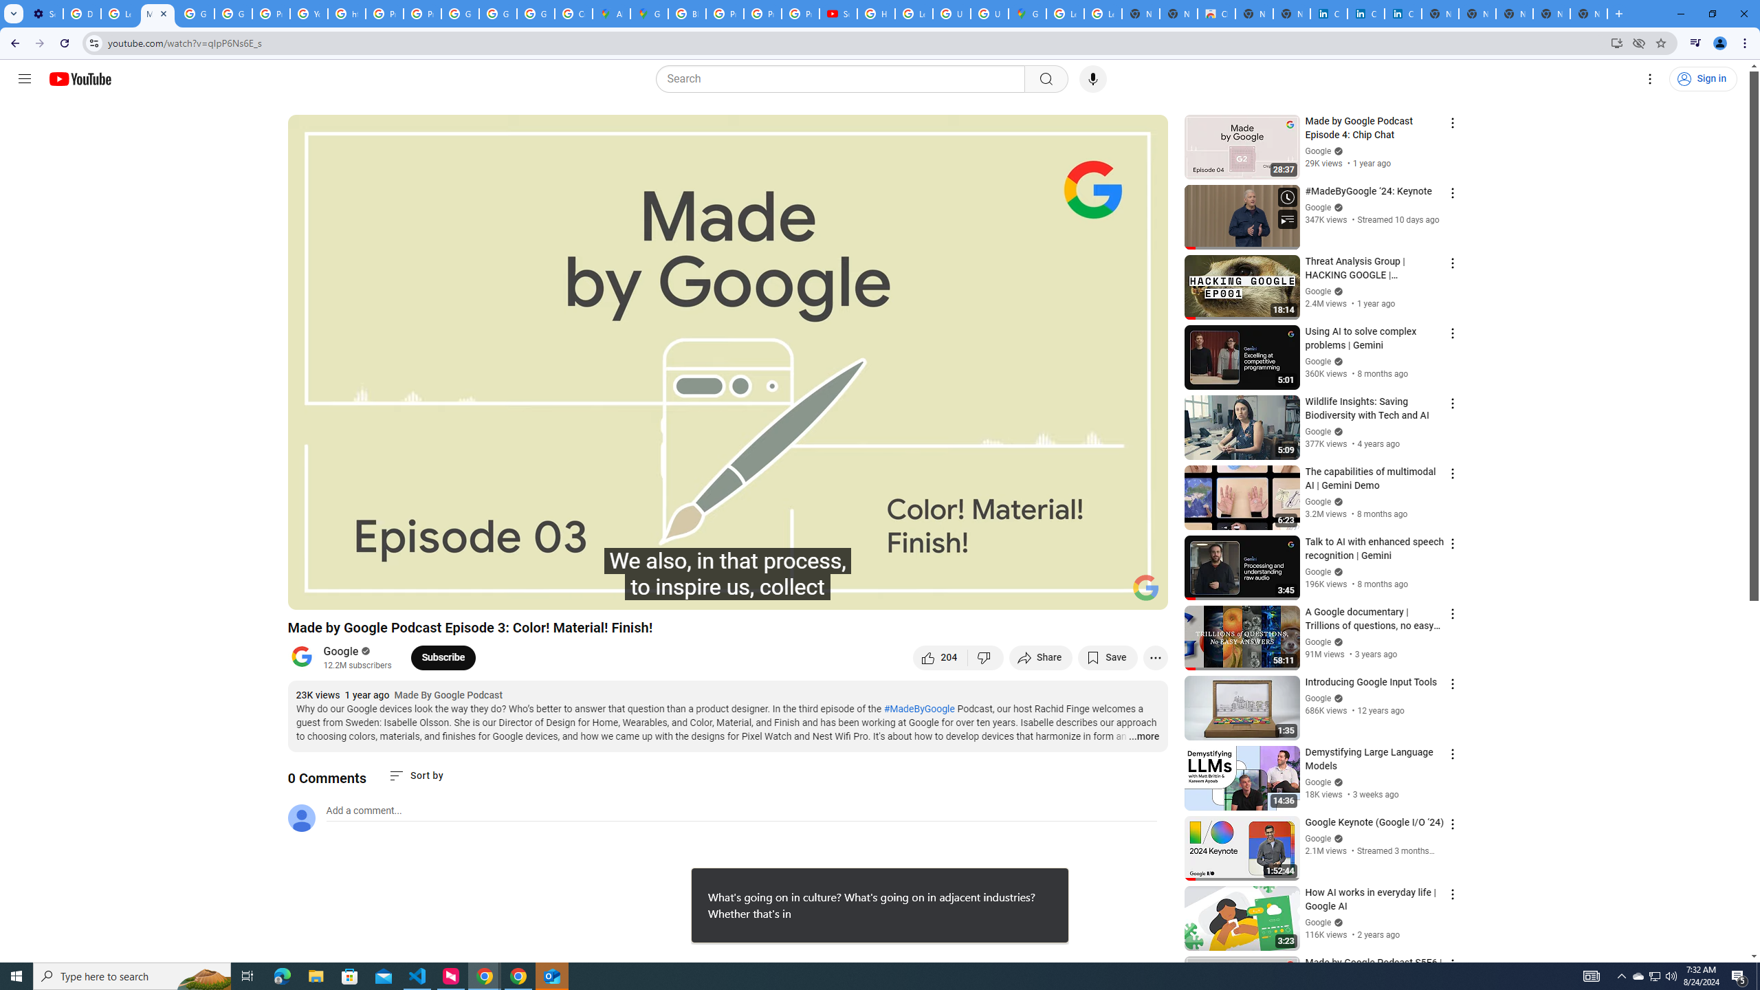 This screenshot has width=1760, height=990. Describe the element at coordinates (448, 695) in the screenshot. I see `'Made By Google Podcast'` at that location.